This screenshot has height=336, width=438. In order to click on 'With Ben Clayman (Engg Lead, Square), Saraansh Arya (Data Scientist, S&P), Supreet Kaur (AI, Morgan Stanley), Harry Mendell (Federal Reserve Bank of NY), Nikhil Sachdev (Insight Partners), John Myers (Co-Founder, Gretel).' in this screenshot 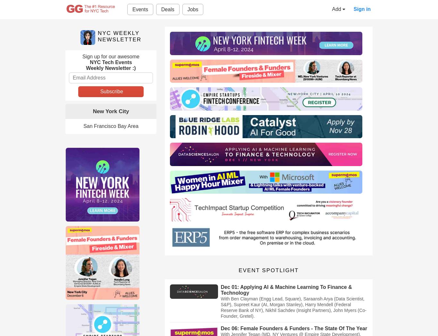, I will do `click(293, 307)`.